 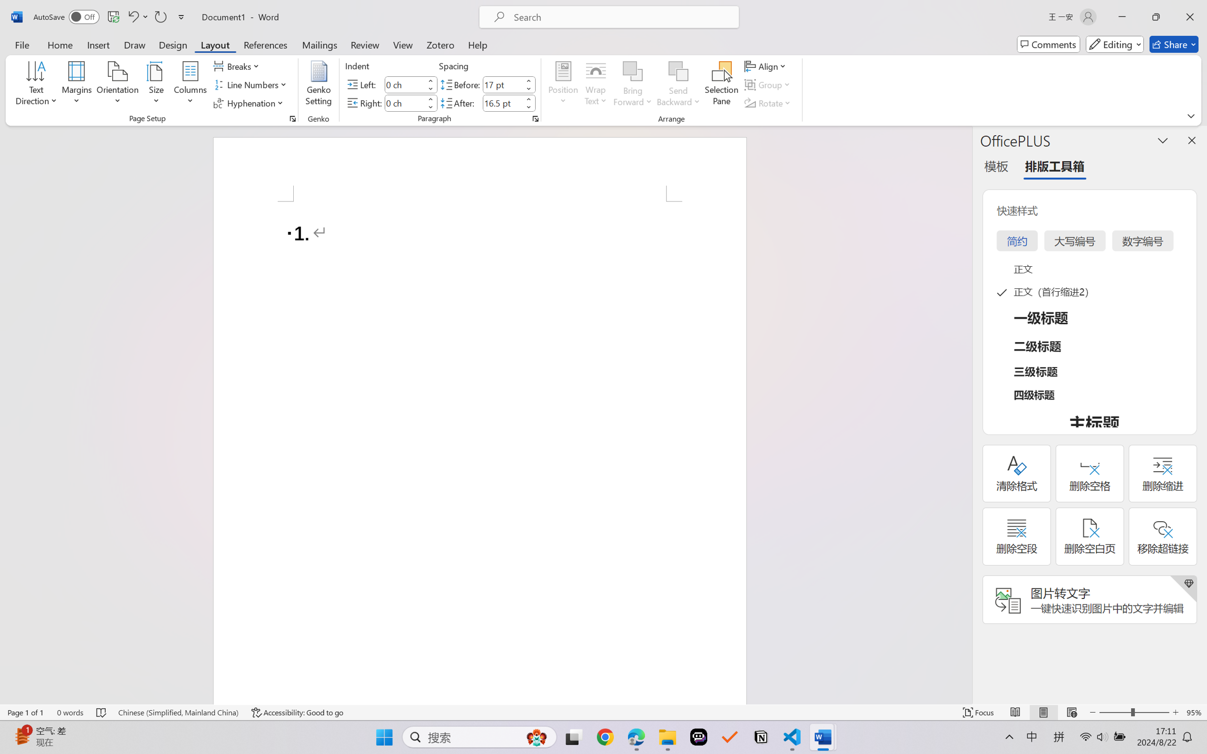 What do you see at coordinates (633, 71) in the screenshot?
I see `'Bring Forward'` at bounding box center [633, 71].